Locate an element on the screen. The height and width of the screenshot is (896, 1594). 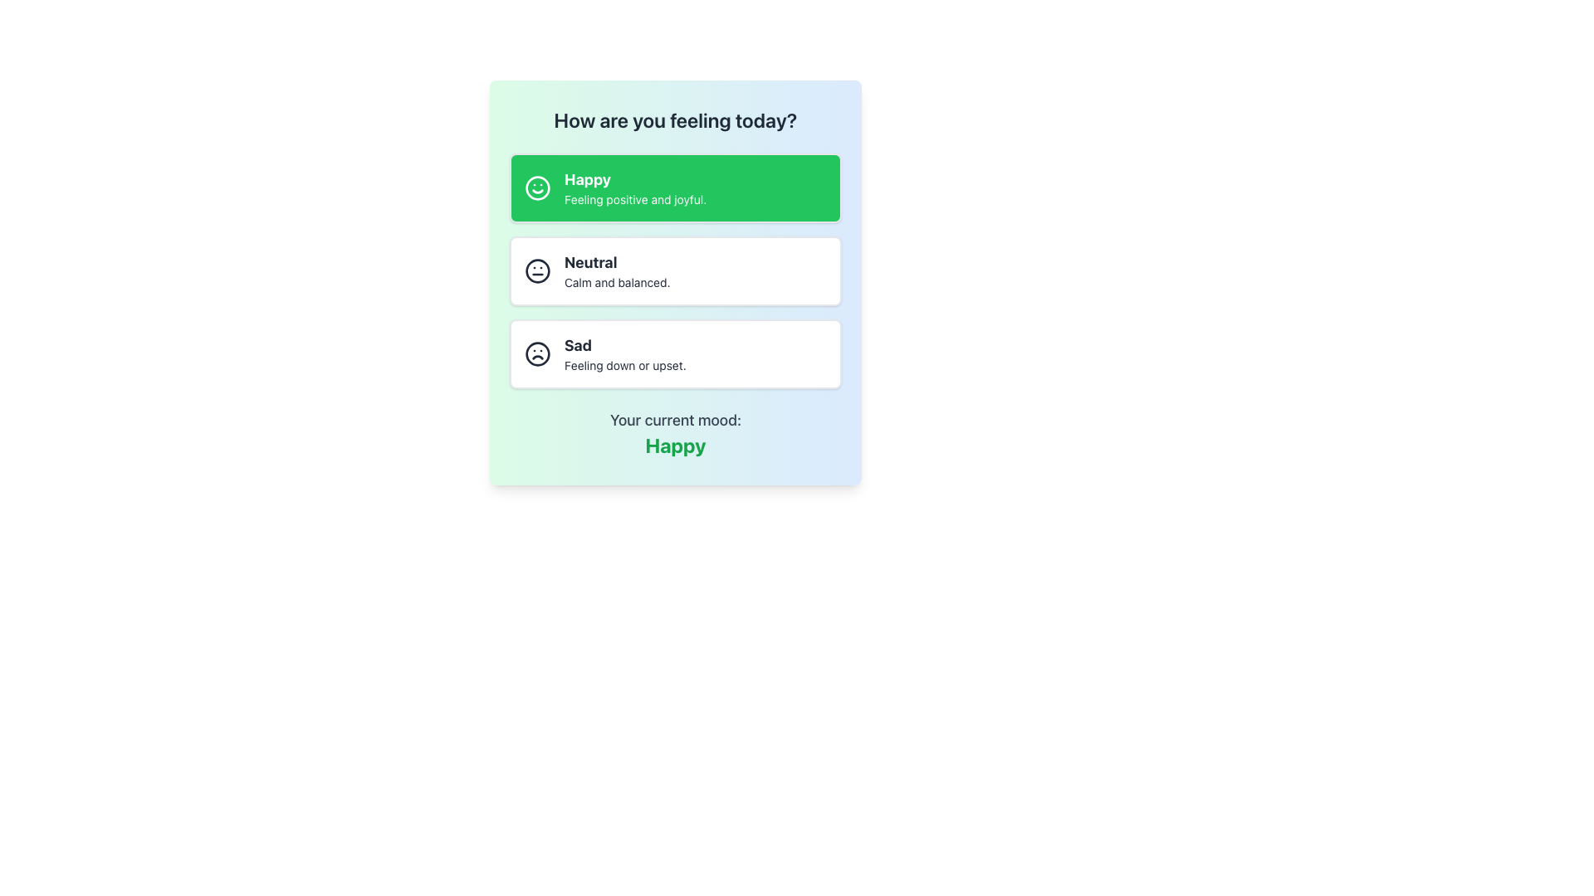
the SVG icon representing a frowning face, located in the third selection option labeled 'Sad' within the mood selection interface is located at coordinates (538, 353).